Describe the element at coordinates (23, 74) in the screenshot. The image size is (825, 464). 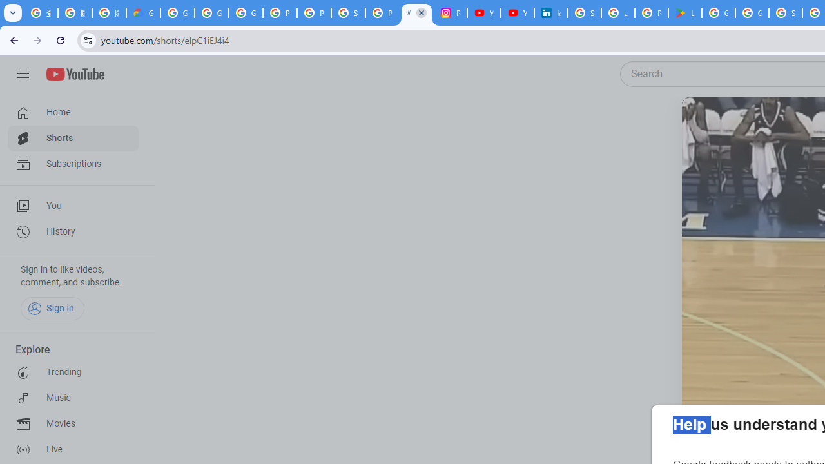
I see `'Guide'` at that location.